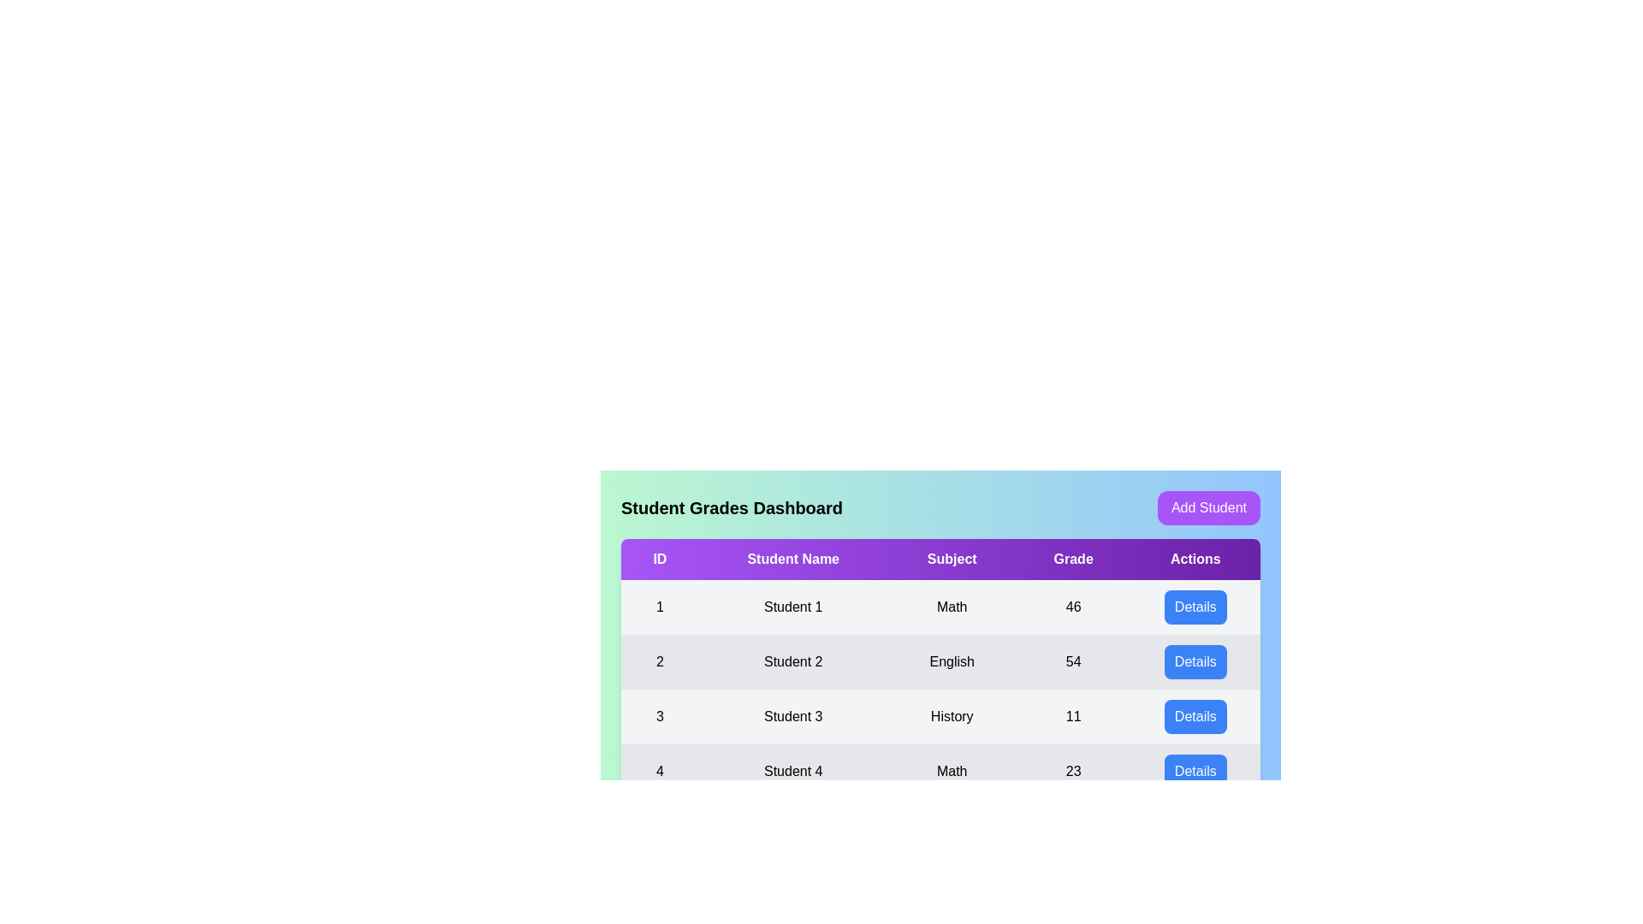 This screenshot has width=1643, height=924. I want to click on the 'Add Student' button, so click(1207, 507).